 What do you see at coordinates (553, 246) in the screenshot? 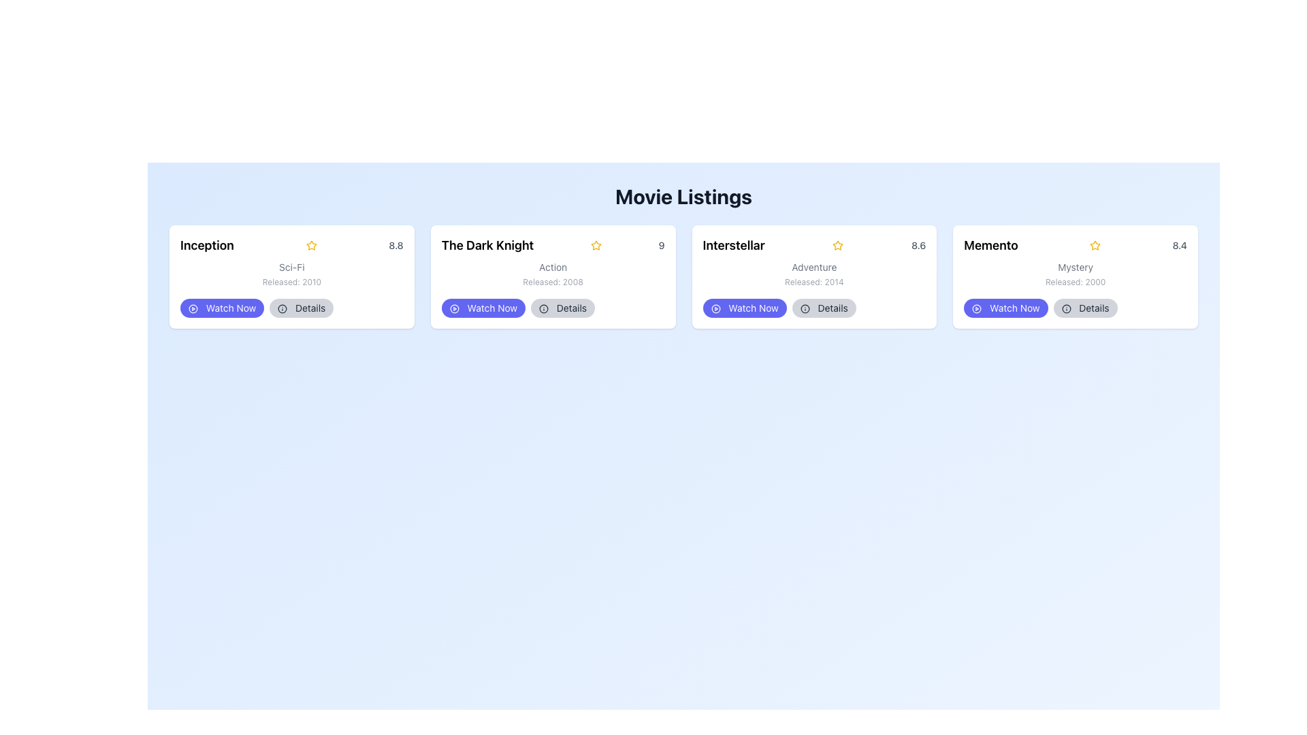
I see `the informational display block for the movie 'The Dark Knight', which includes the title, rating, and star representation, located at the top of the movie card` at bounding box center [553, 246].